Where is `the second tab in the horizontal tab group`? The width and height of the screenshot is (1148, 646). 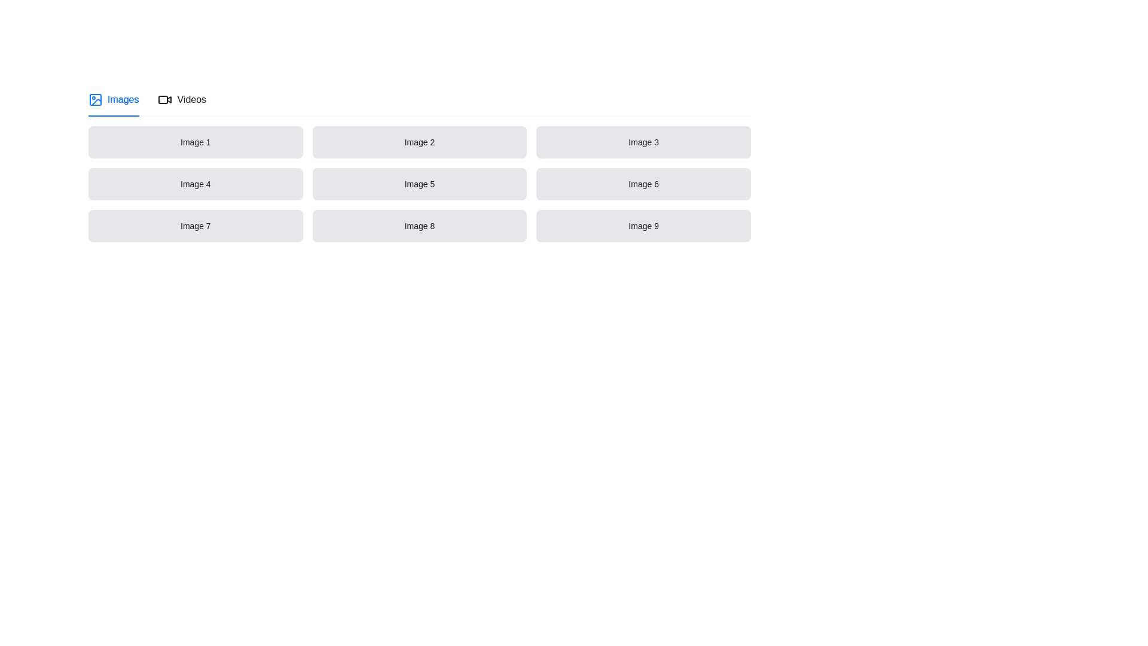
the second tab in the horizontal tab group is located at coordinates (181, 99).